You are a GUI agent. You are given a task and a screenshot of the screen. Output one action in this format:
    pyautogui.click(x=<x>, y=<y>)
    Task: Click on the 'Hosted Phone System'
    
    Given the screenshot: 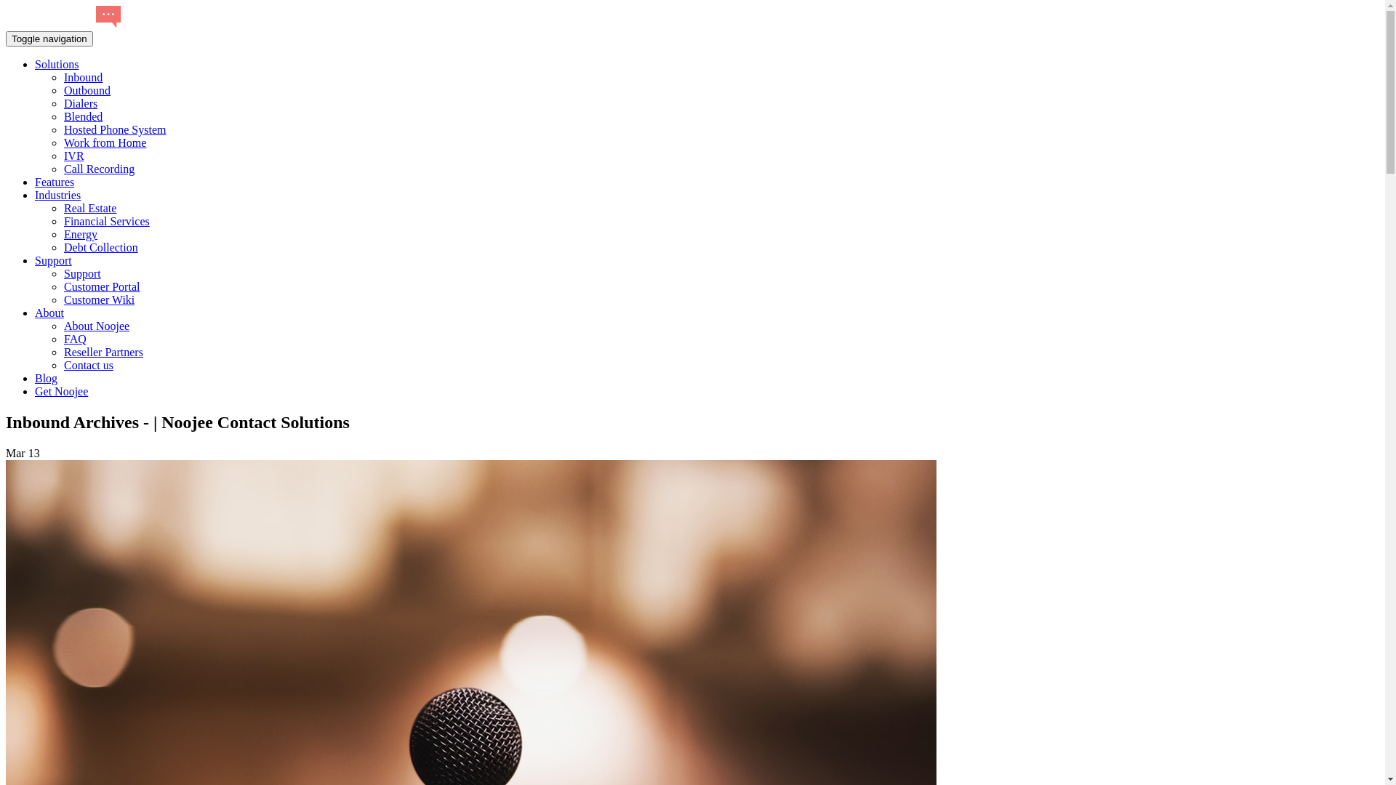 What is the action you would take?
    pyautogui.click(x=114, y=129)
    